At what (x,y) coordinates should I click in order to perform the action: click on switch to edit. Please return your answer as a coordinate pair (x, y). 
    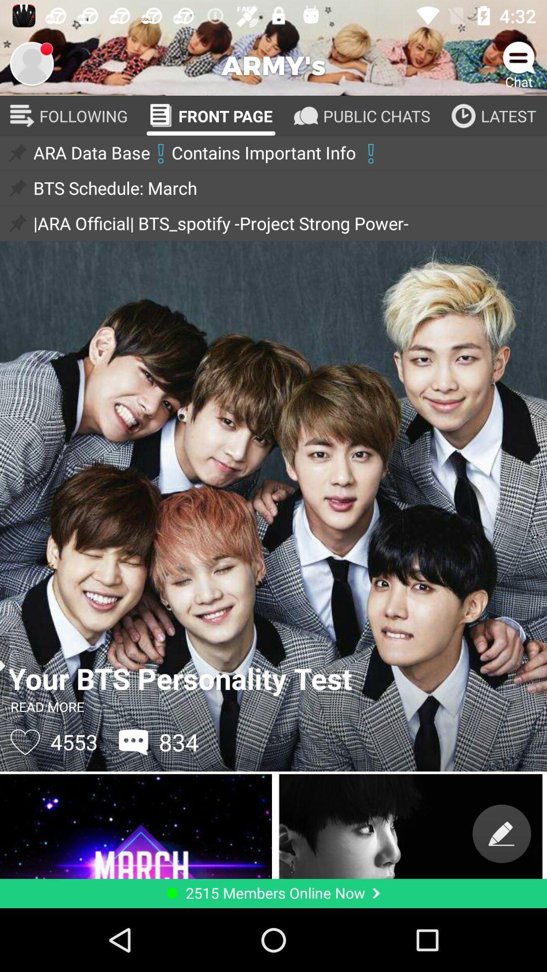
    Looking at the image, I should click on (501, 833).